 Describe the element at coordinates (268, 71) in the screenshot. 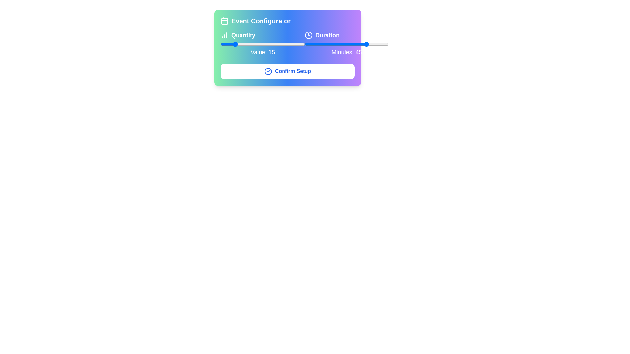

I see `the confirmation icon located to the left of the 'Confirm Setup' button in the central part of the interface` at that location.